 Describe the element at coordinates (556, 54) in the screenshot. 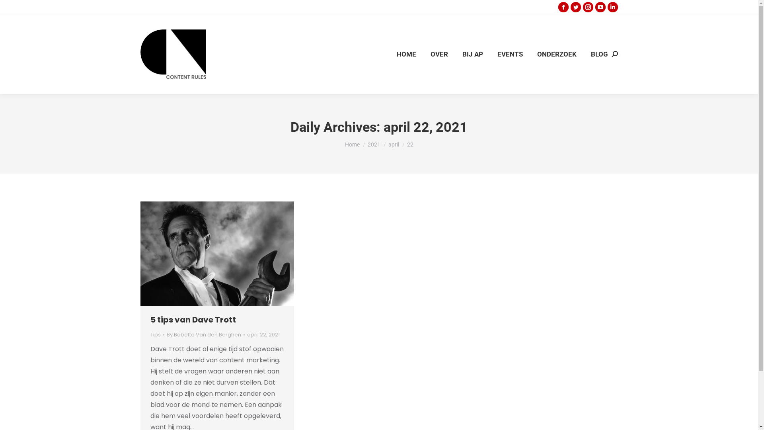

I see `'ONDERZOEK'` at that location.